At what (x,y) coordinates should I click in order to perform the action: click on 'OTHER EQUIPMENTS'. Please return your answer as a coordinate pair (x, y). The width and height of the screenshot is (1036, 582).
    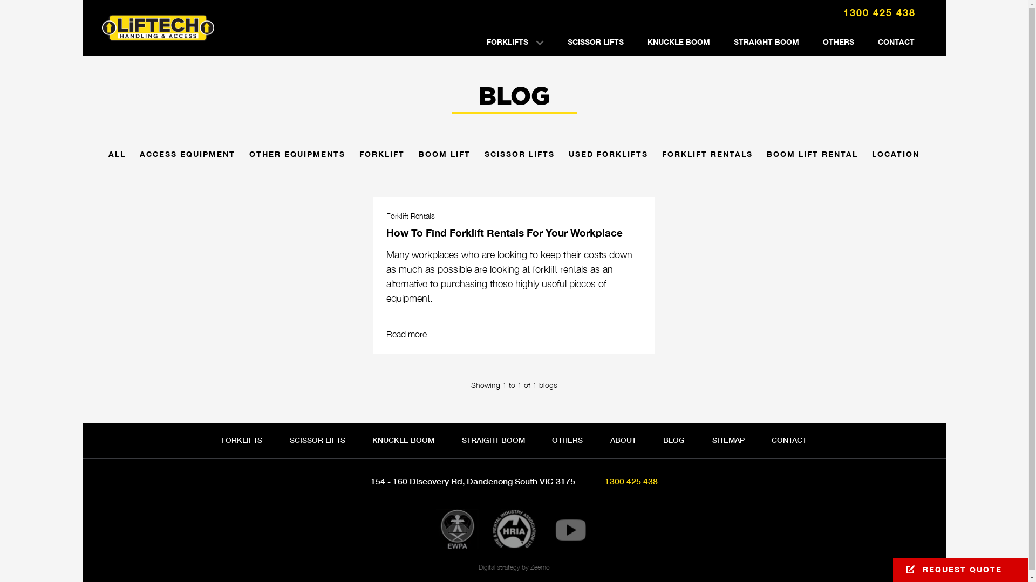
    Looking at the image, I should click on (297, 156).